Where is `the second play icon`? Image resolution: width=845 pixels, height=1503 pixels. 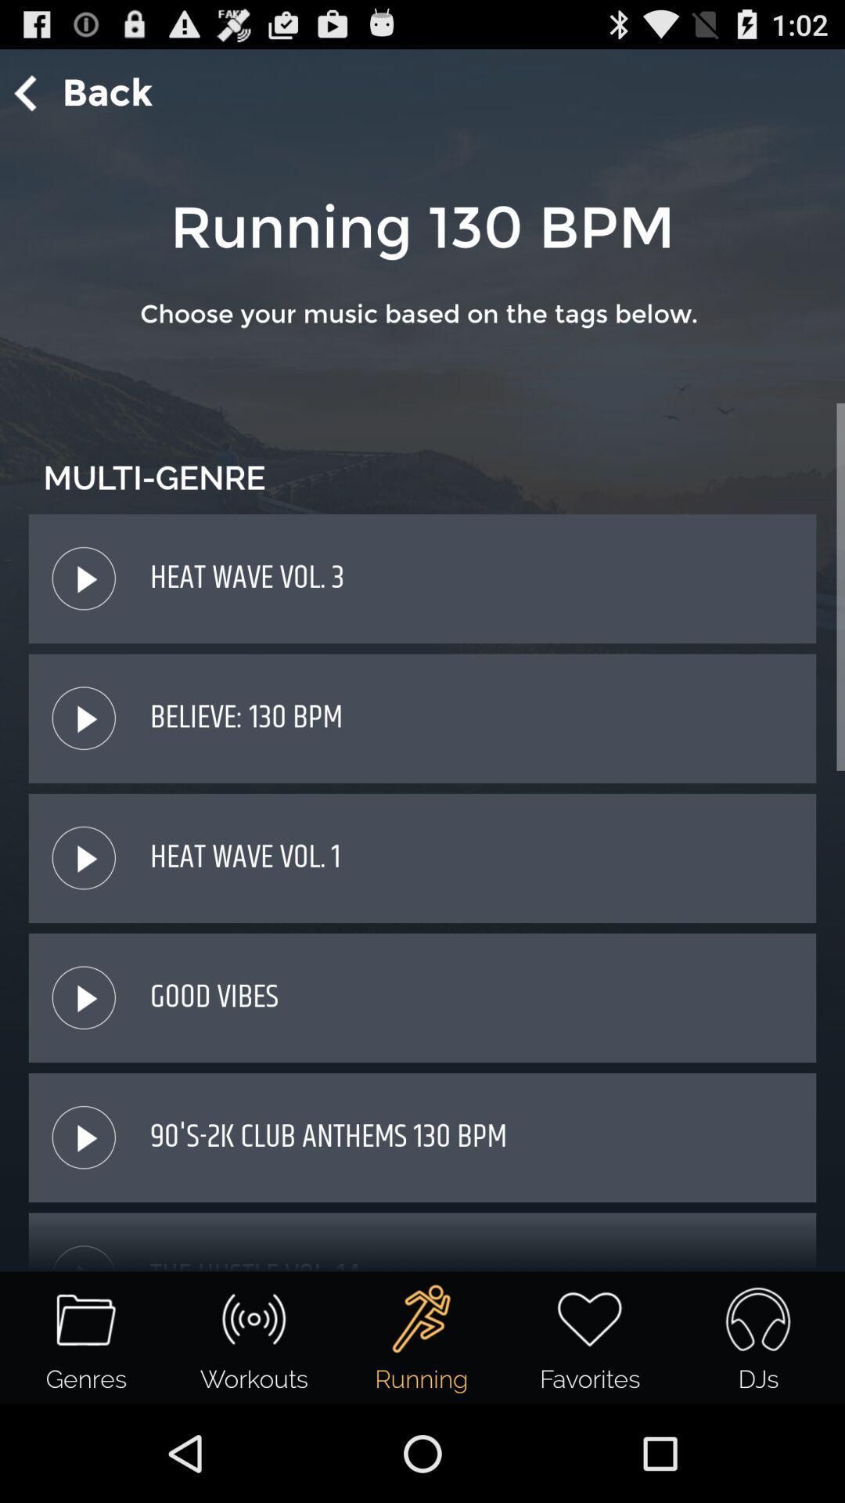 the second play icon is located at coordinates (84, 717).